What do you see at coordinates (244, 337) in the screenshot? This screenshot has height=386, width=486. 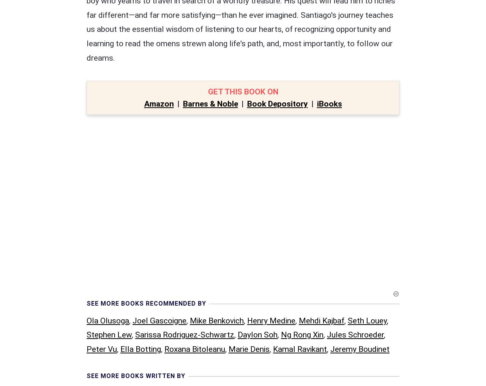 I see `'Mehdi Kajbaf, Co-Founder of Matboard, Discusses Favorite Books and Human Nature'` at bounding box center [244, 337].